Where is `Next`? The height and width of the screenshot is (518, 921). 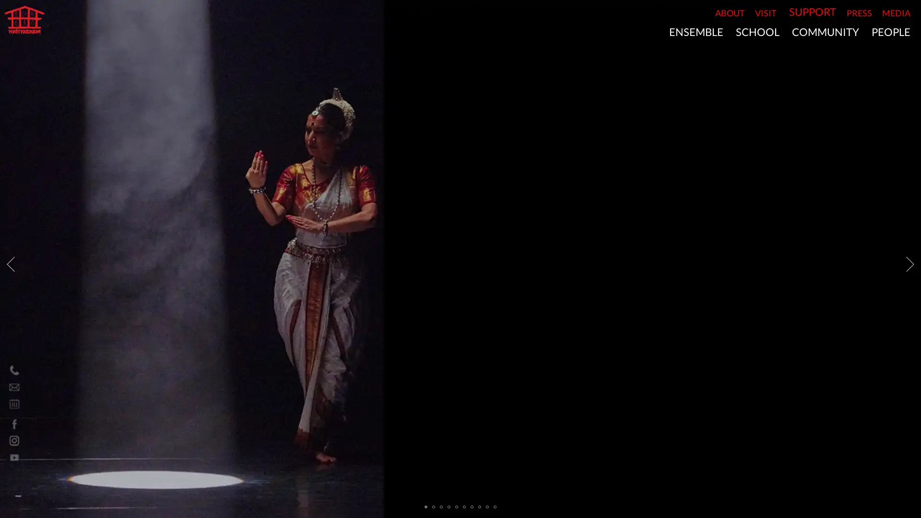
Next is located at coordinates (906, 264).